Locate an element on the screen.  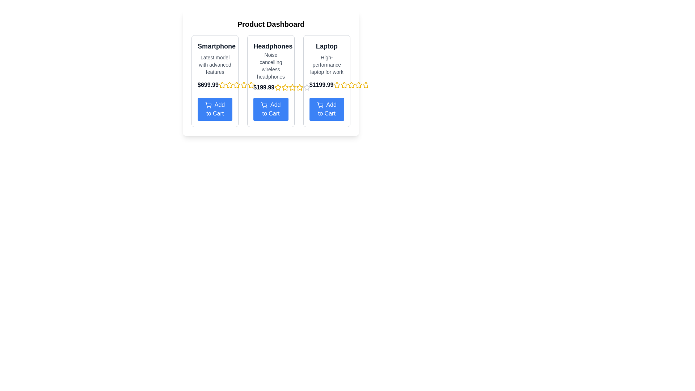
the fifth star-shaped icon for rating, which is outlined in yellow and located under the price section of the 'Laptop' product card is located at coordinates (337, 84).